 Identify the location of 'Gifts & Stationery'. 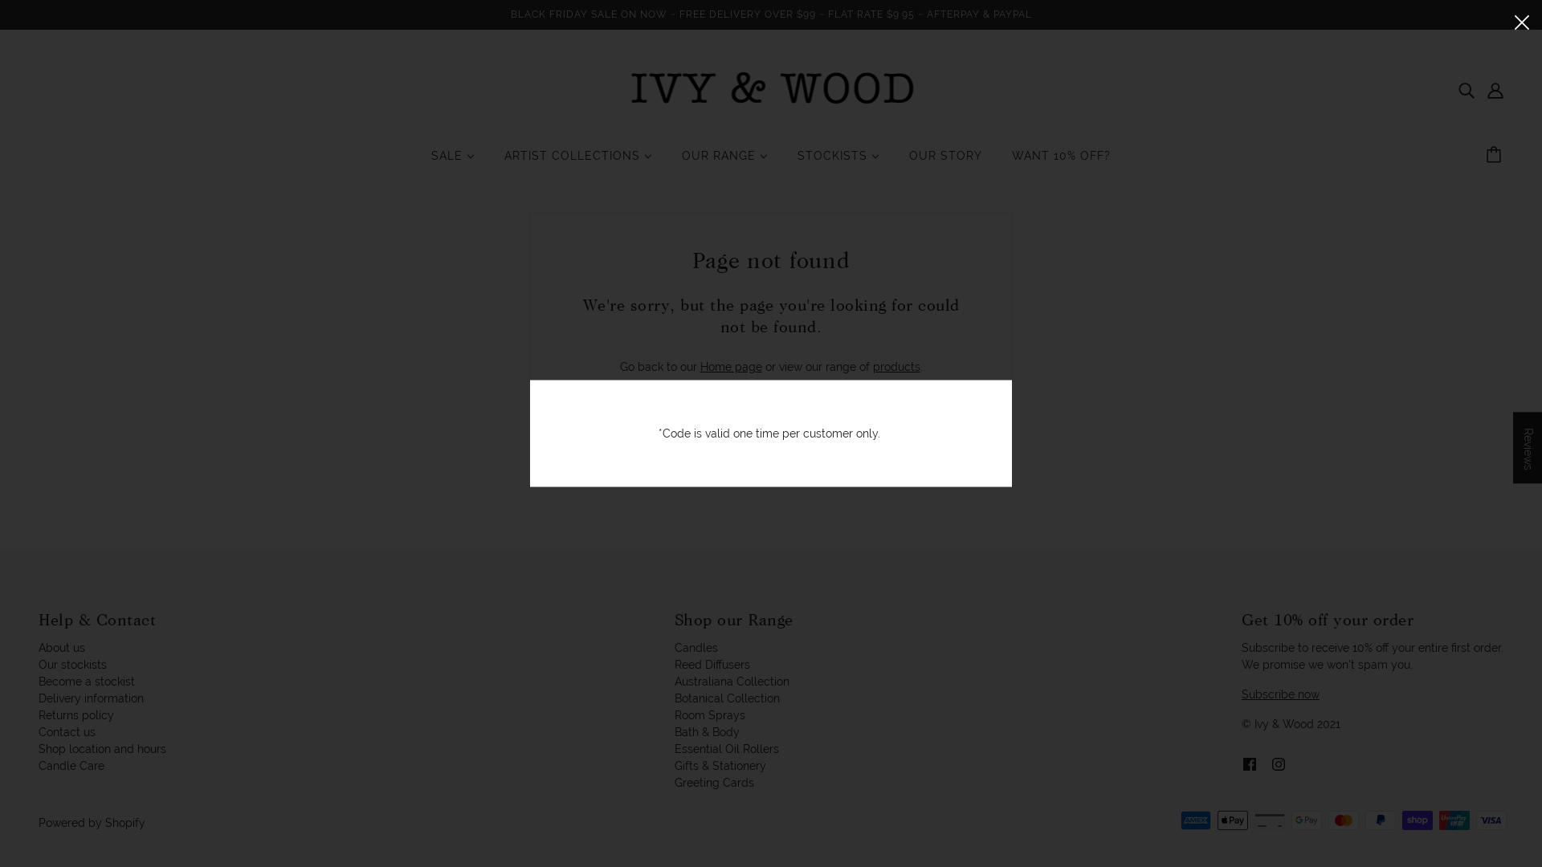
(720, 764).